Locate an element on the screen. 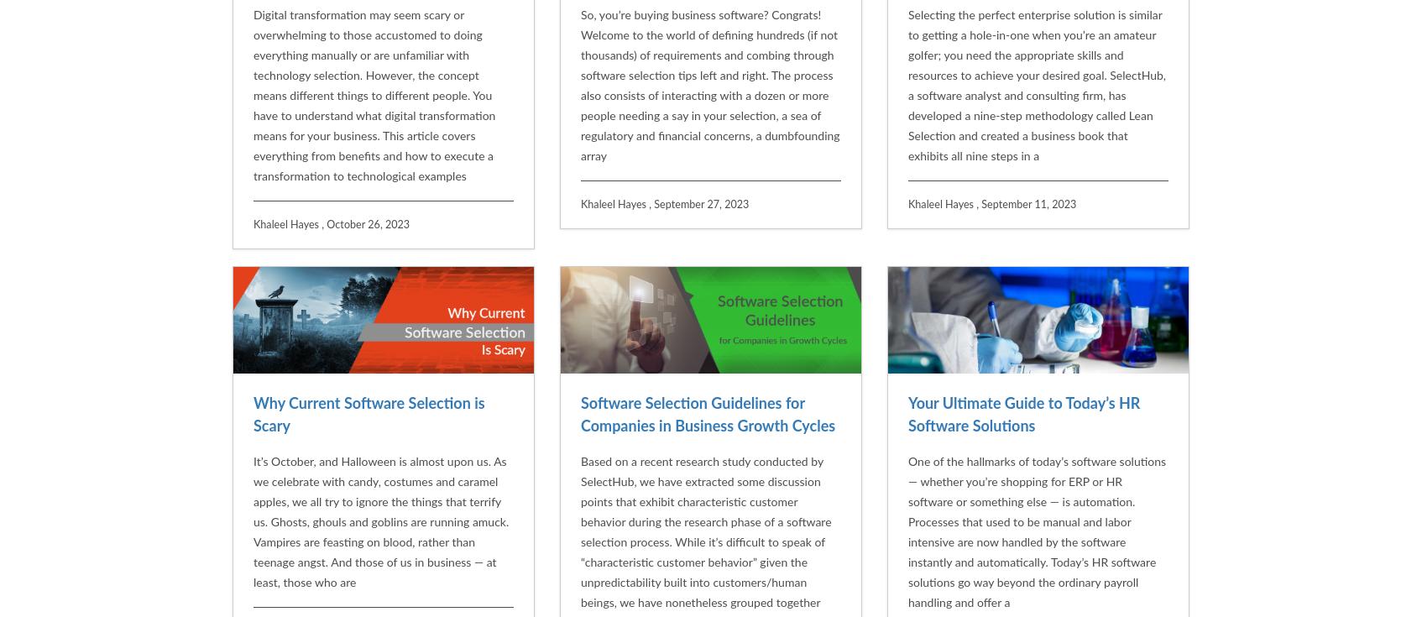 The height and width of the screenshot is (617, 1422). 'One of the hallmarks of today’s software solutions — whether you’re shopping for ERP or HR software or something else — is automation. Processes that used to be manual and labor intensive are now handled by the software instantly and automatically. Today’s HR software solutions go way beyond the ordinary payroll handling and offer a' is located at coordinates (907, 359).